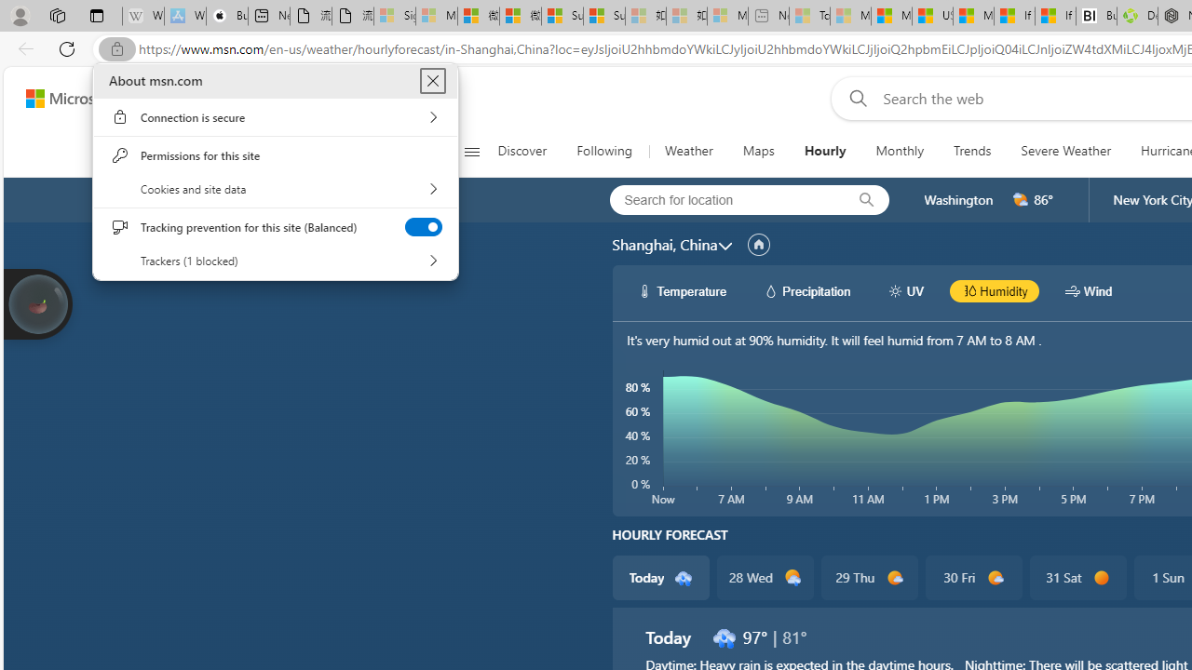 The width and height of the screenshot is (1192, 670). Describe the element at coordinates (868, 577) in the screenshot. I see `'29 Thu d1000'` at that location.